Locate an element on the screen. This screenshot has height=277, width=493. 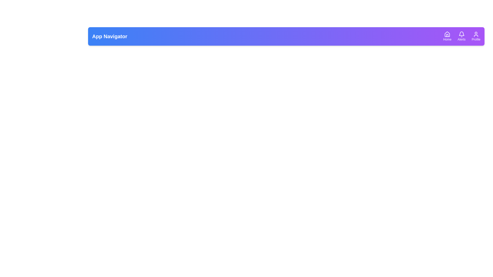
the decorative bell icon in the top navigation bar to trigger a tooltip or visual feedback is located at coordinates (461, 34).